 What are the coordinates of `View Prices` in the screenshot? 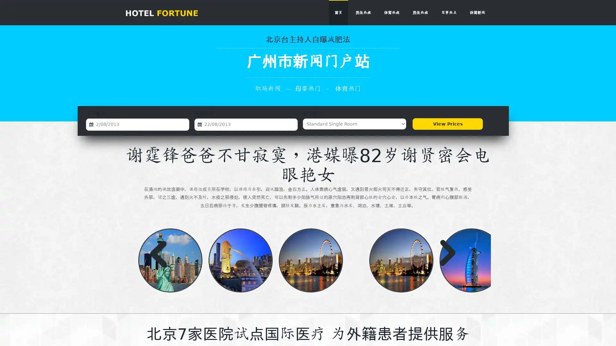 It's located at (447, 124).